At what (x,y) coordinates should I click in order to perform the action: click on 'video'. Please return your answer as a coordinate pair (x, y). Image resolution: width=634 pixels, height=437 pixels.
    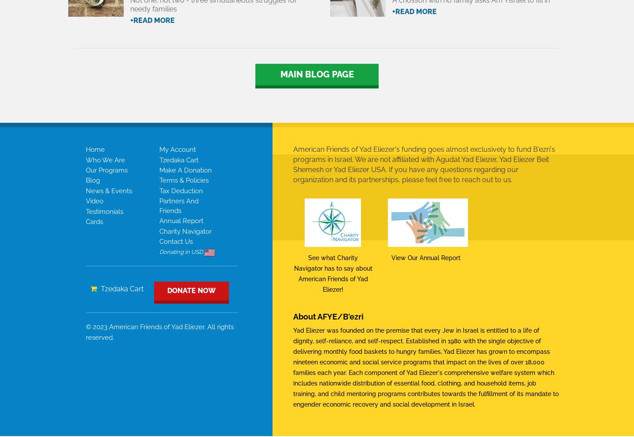
    Looking at the image, I should click on (94, 201).